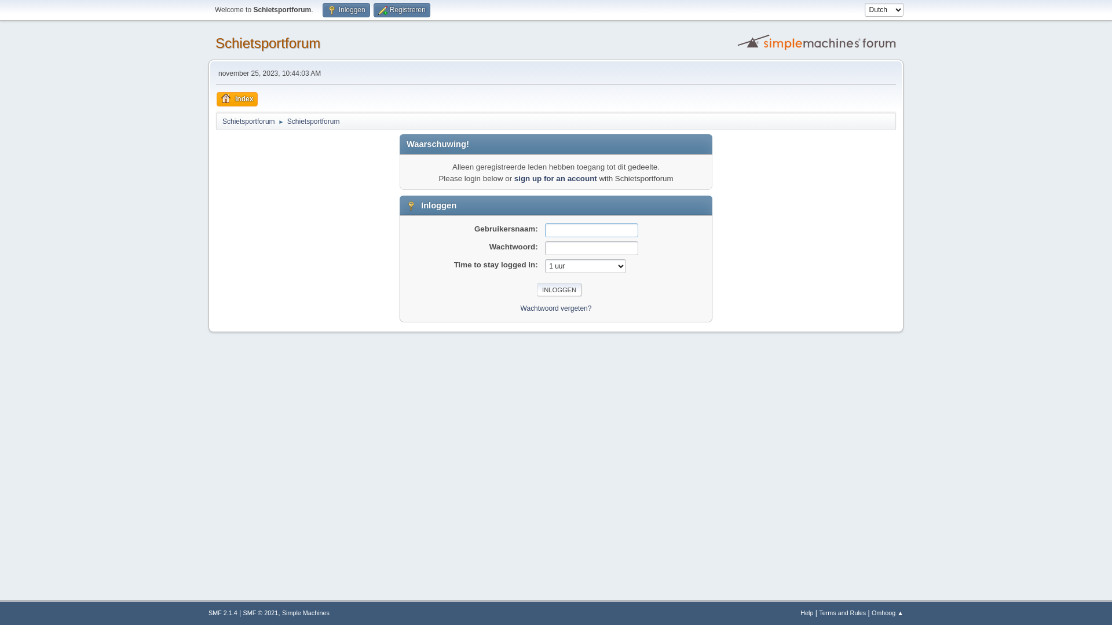 The width and height of the screenshot is (1112, 625). What do you see at coordinates (345, 10) in the screenshot?
I see `'Inloggen'` at bounding box center [345, 10].